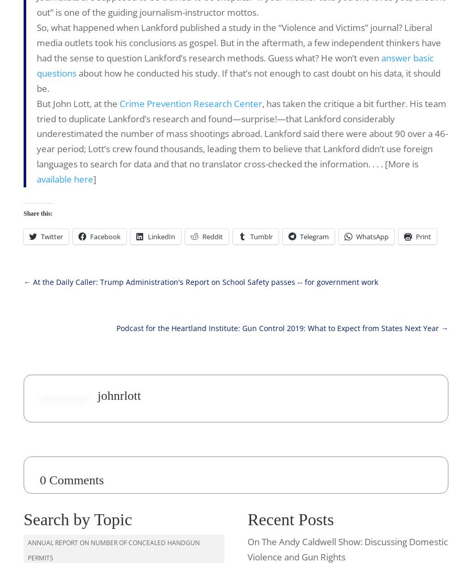 This screenshot has height=563, width=472. I want to click on 'Podcast for the Heartland Institute: Gun Control 2019: What to Expect from States Next Year', so click(277, 327).